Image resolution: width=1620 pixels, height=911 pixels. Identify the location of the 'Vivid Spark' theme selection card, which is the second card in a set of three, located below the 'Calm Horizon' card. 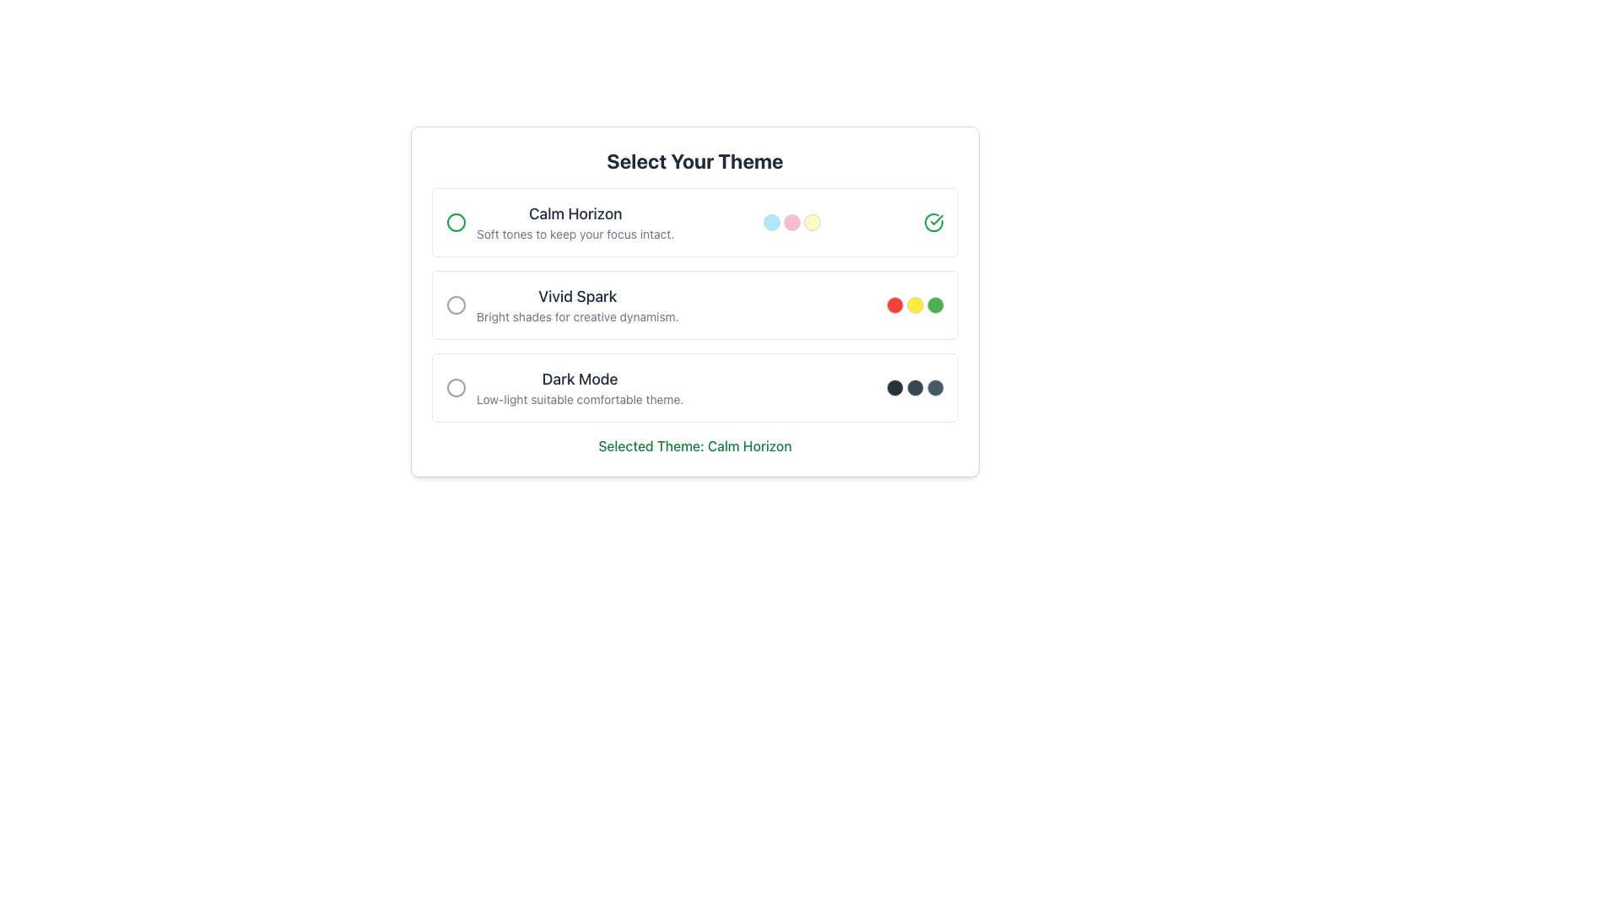
(695, 301).